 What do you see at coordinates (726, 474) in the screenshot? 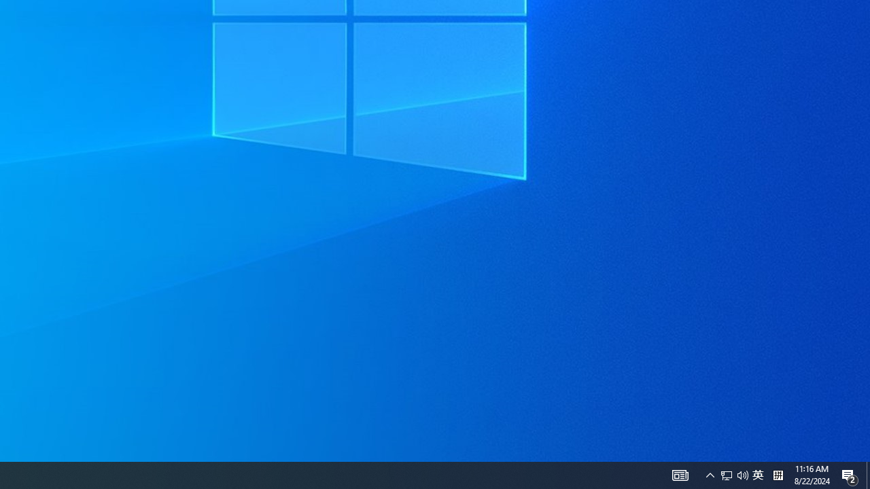
I see `'User Promoted Notification Area'` at bounding box center [726, 474].